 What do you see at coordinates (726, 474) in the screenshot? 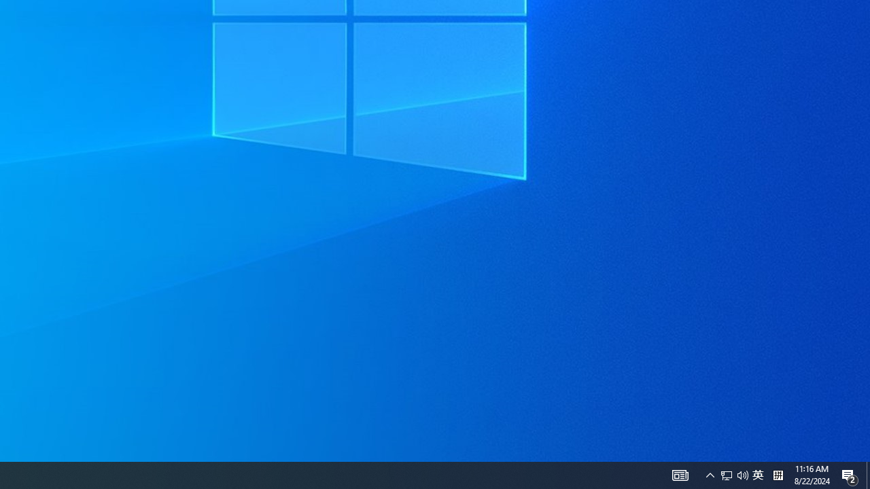
I see `'User Promoted Notification Area'` at bounding box center [726, 474].